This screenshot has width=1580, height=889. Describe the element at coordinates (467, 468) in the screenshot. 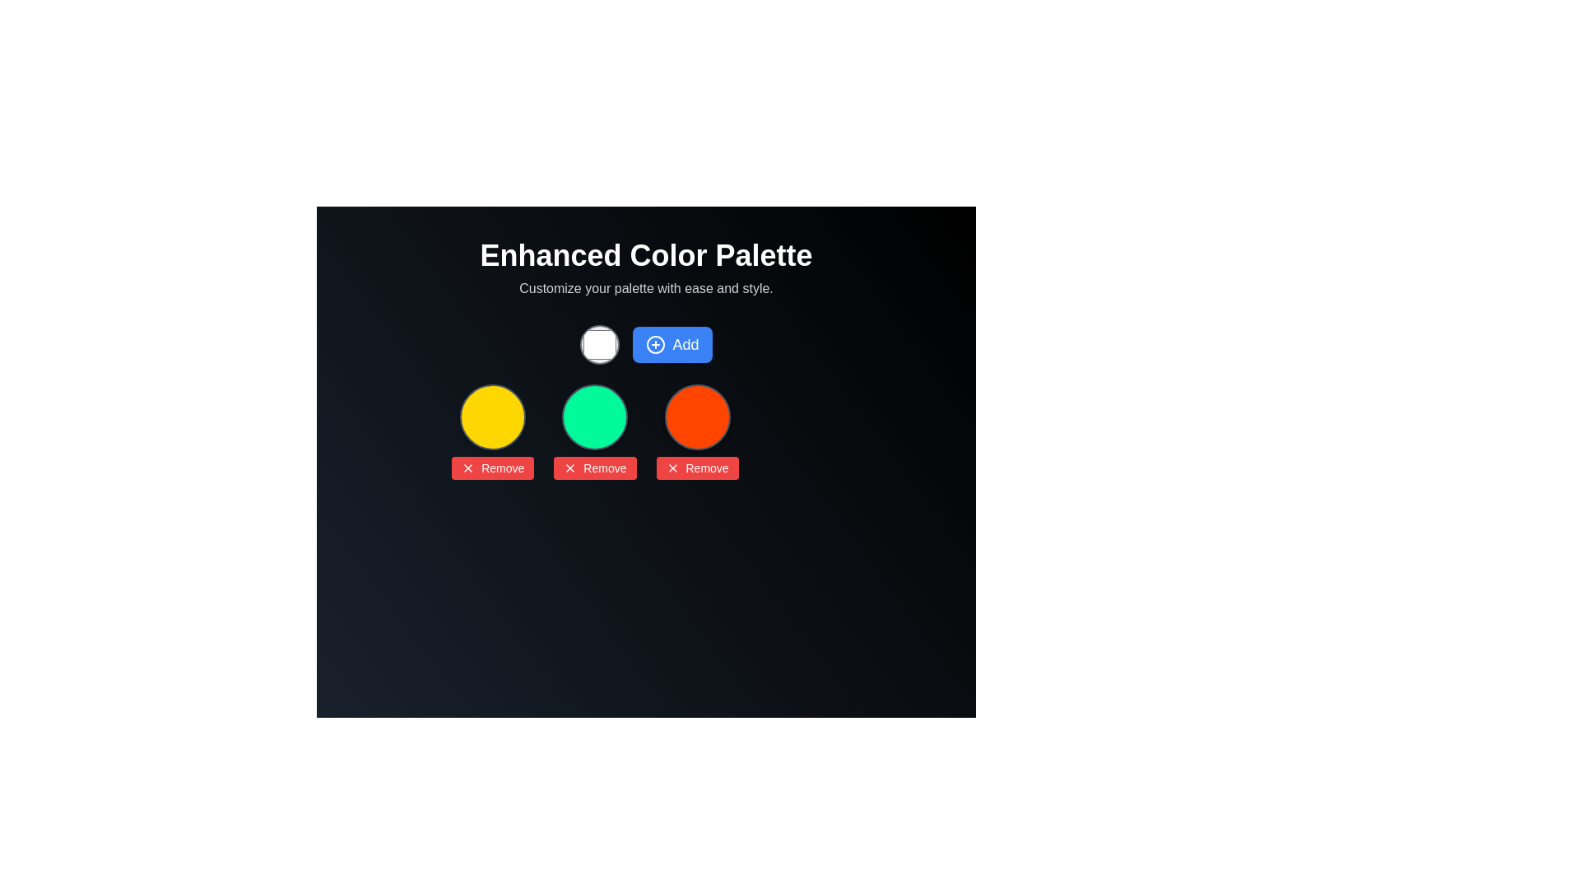

I see `the icon within the 'Remove' button` at that location.